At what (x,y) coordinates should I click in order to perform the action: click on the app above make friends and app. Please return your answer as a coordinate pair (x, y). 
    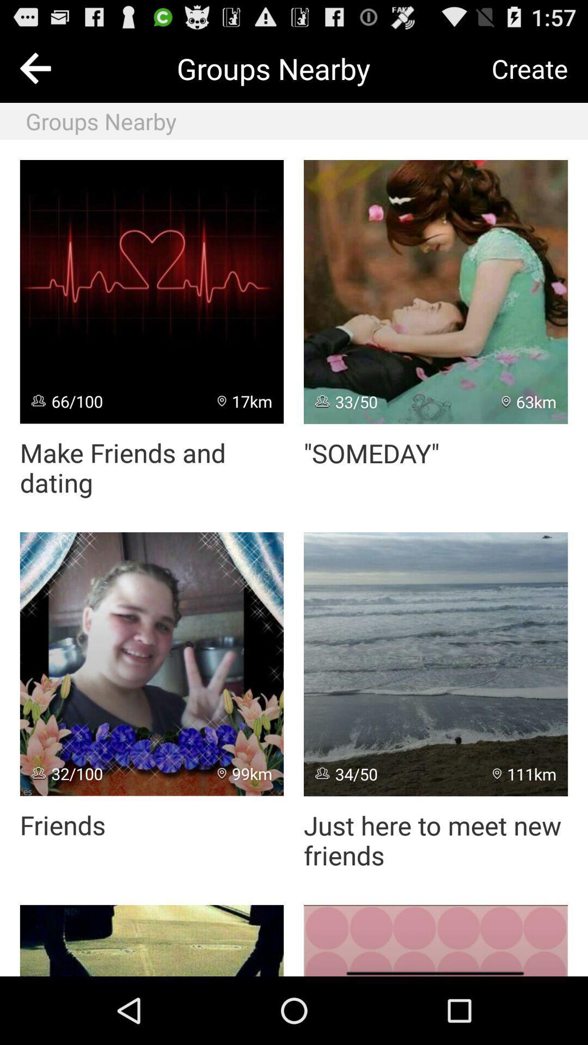
    Looking at the image, I should click on (151, 292).